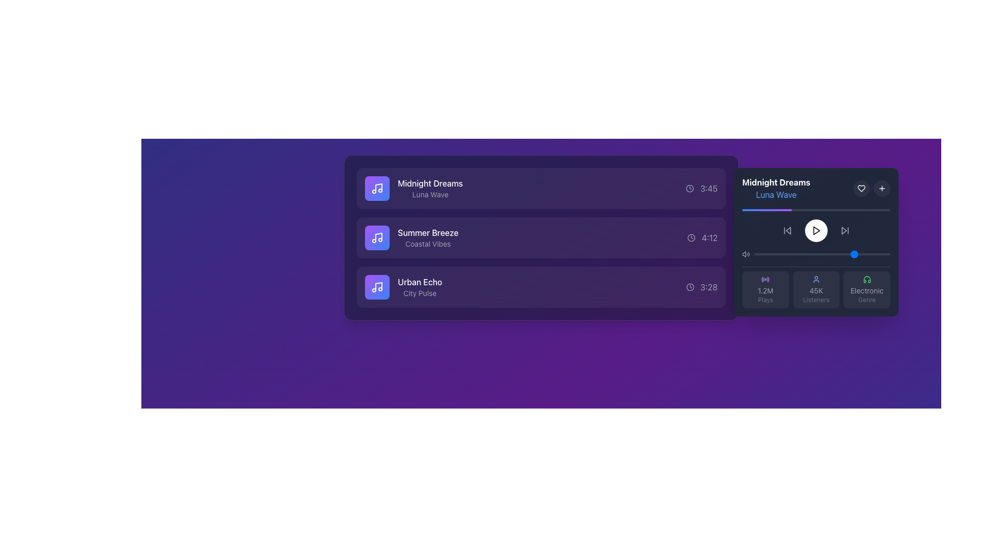 This screenshot has height=555, width=987. What do you see at coordinates (420, 293) in the screenshot?
I see `text content of the subtitle label for 'Urban Echo' located in the bottom-most row of the song list interface` at bounding box center [420, 293].